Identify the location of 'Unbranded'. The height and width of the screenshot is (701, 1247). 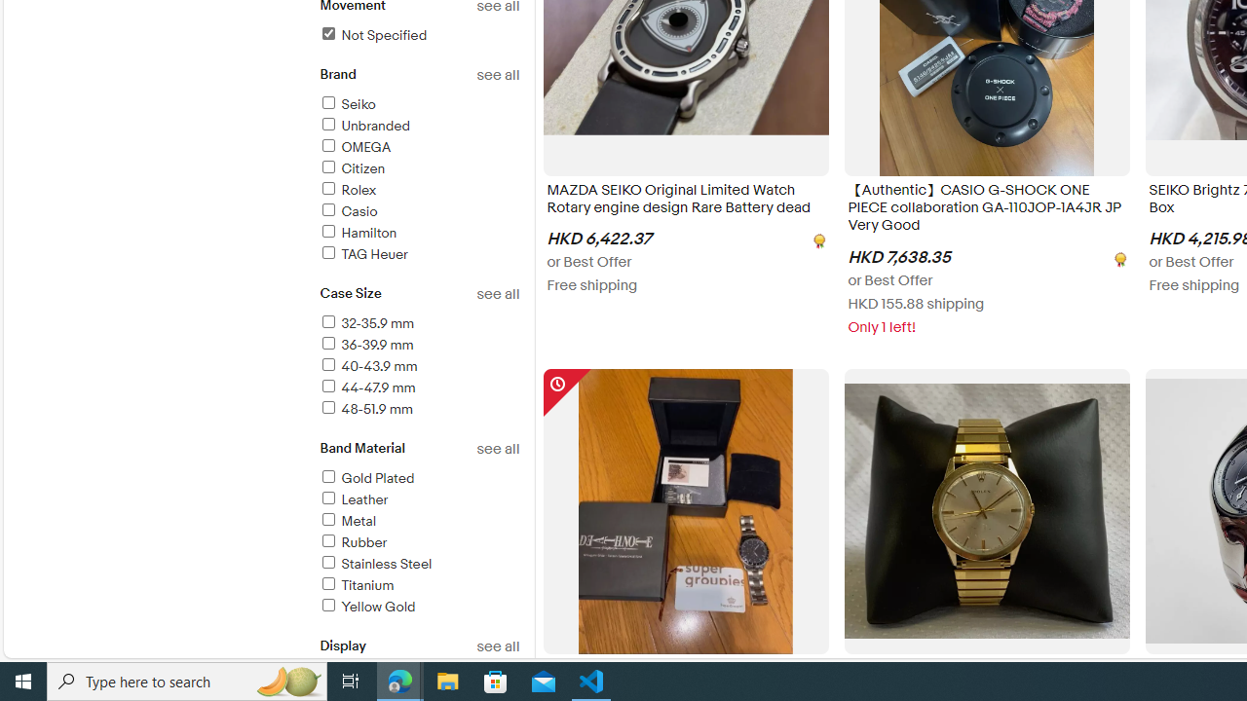
(418, 127).